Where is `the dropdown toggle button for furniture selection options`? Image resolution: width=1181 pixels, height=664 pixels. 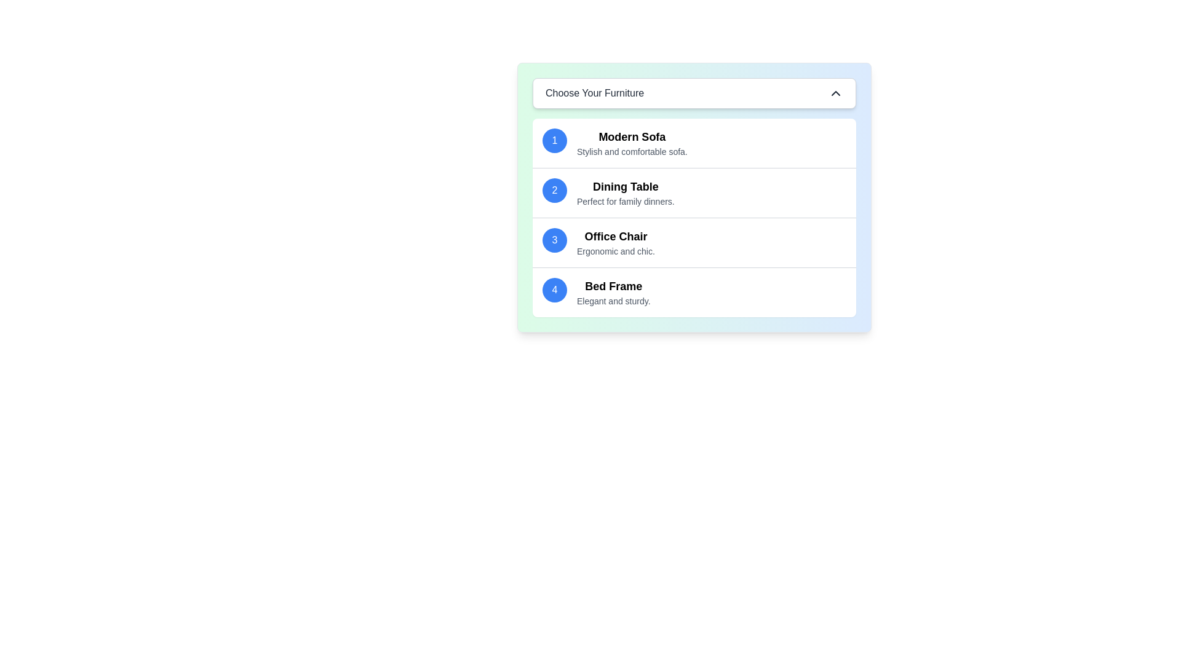 the dropdown toggle button for furniture selection options is located at coordinates (694, 92).